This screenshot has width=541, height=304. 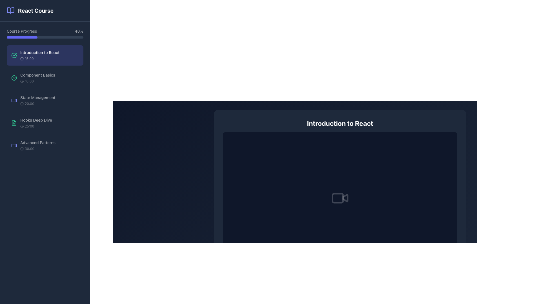 What do you see at coordinates (45, 145) in the screenshot?
I see `the 'Advanced Patterns' list item button, which has a dark background, displays '30:00', and contains a video camera icon, located as the fifth item in a vertical list` at bounding box center [45, 145].